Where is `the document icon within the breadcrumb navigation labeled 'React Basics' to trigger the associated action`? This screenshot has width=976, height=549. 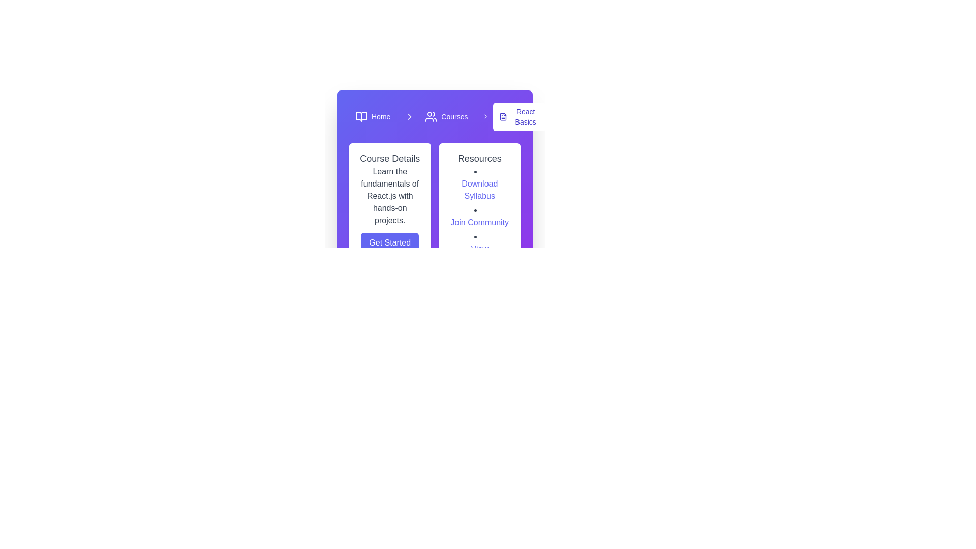
the document icon within the breadcrumb navigation labeled 'React Basics' to trigger the associated action is located at coordinates (503, 116).